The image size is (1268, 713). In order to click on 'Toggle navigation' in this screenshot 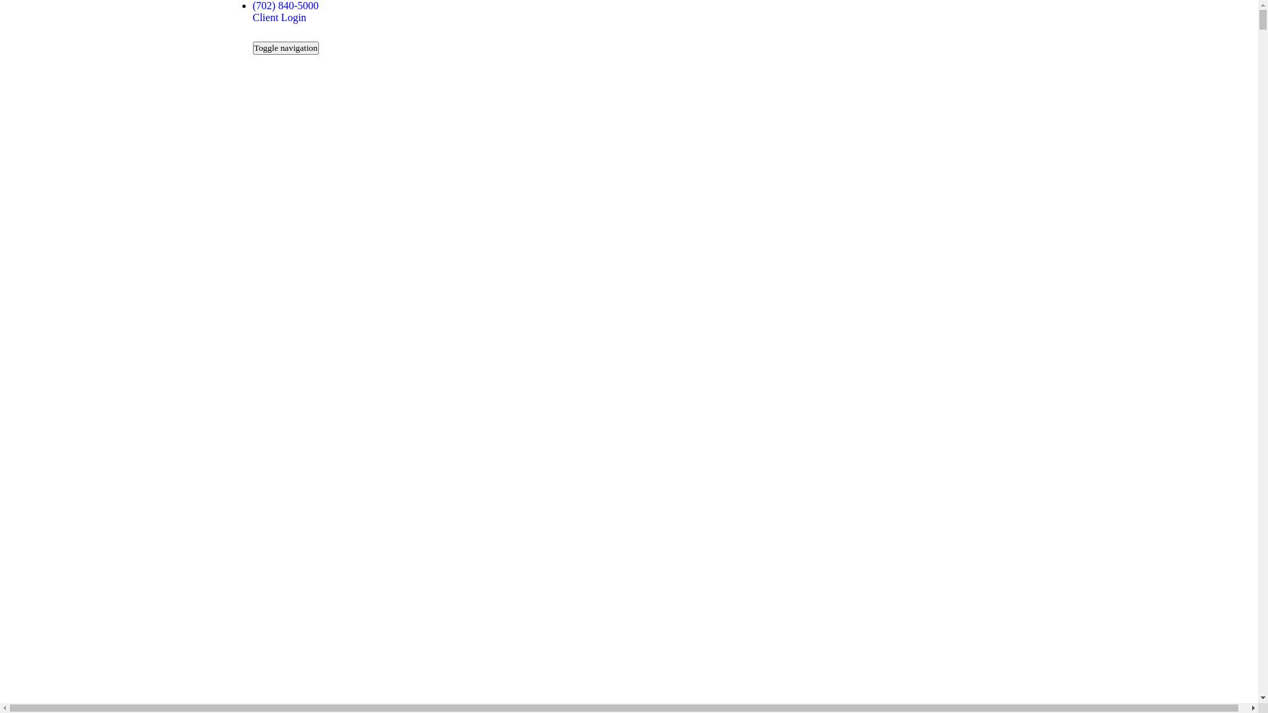, I will do `click(285, 48)`.